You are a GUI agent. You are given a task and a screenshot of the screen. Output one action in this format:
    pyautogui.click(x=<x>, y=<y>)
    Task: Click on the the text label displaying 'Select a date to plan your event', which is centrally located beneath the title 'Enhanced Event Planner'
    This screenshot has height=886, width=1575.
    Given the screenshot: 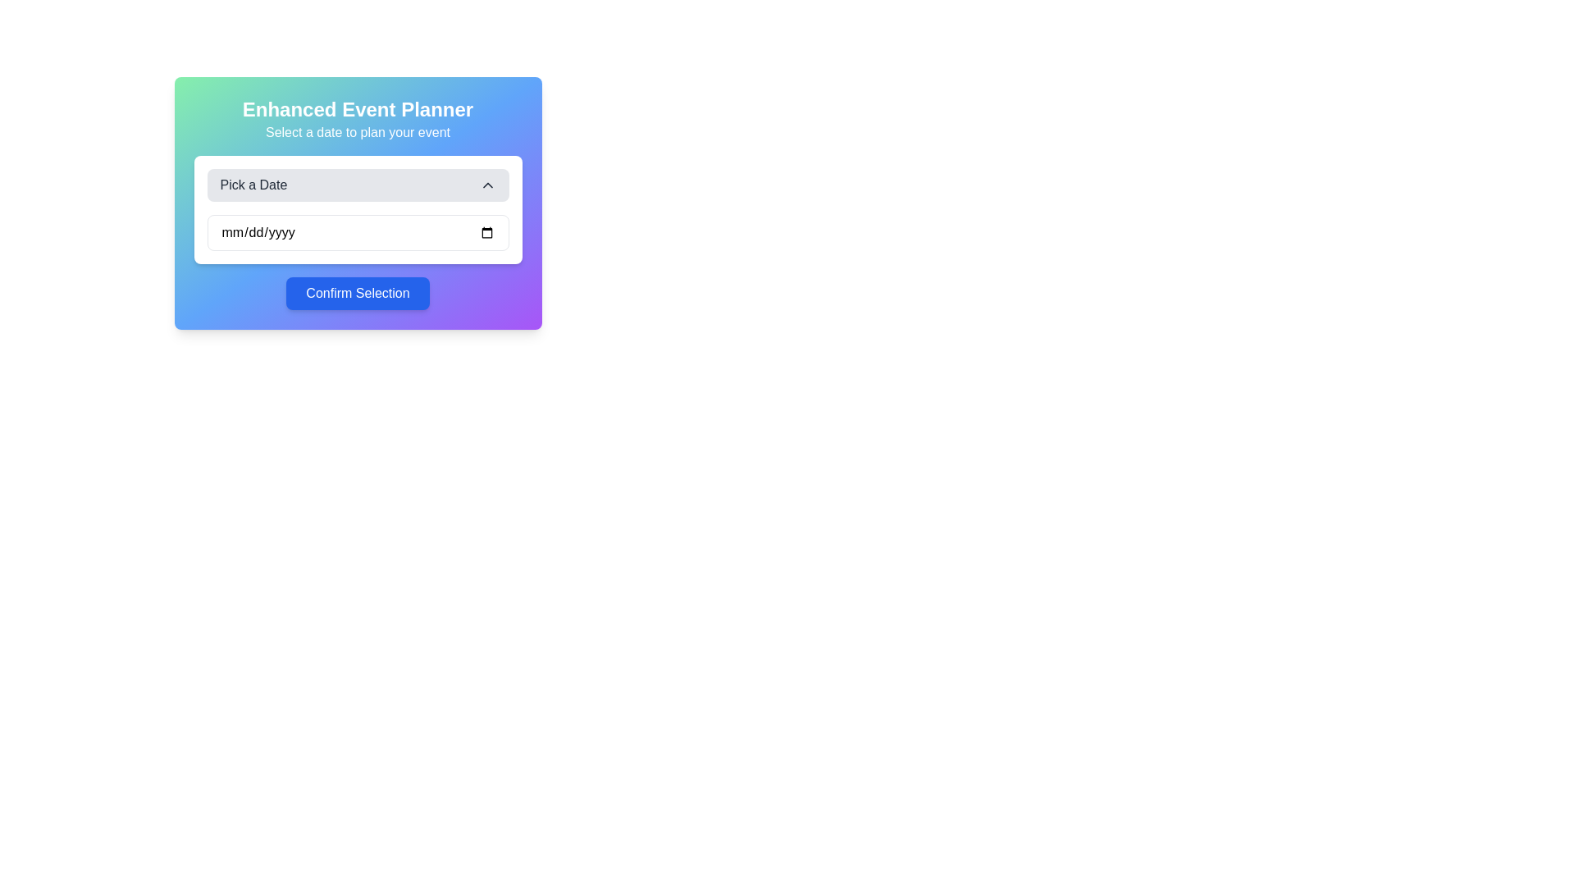 What is the action you would take?
    pyautogui.click(x=357, y=132)
    